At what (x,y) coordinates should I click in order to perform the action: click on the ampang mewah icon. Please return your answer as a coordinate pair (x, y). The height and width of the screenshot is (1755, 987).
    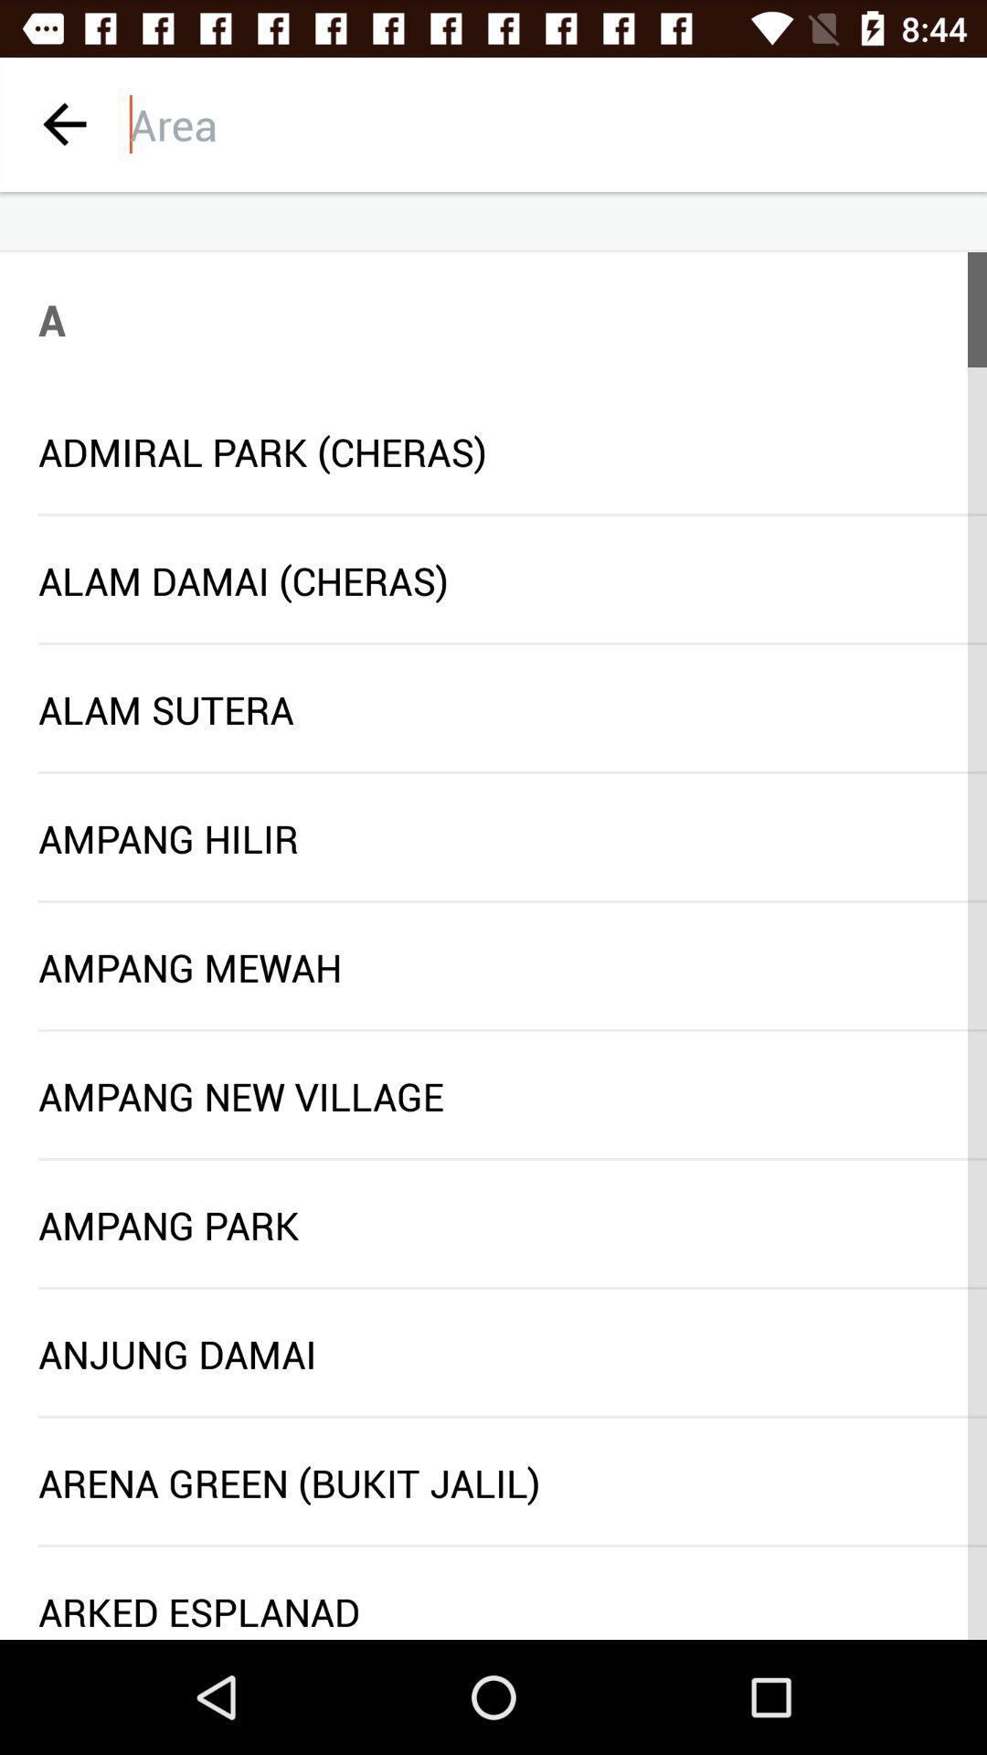
    Looking at the image, I should click on (493, 966).